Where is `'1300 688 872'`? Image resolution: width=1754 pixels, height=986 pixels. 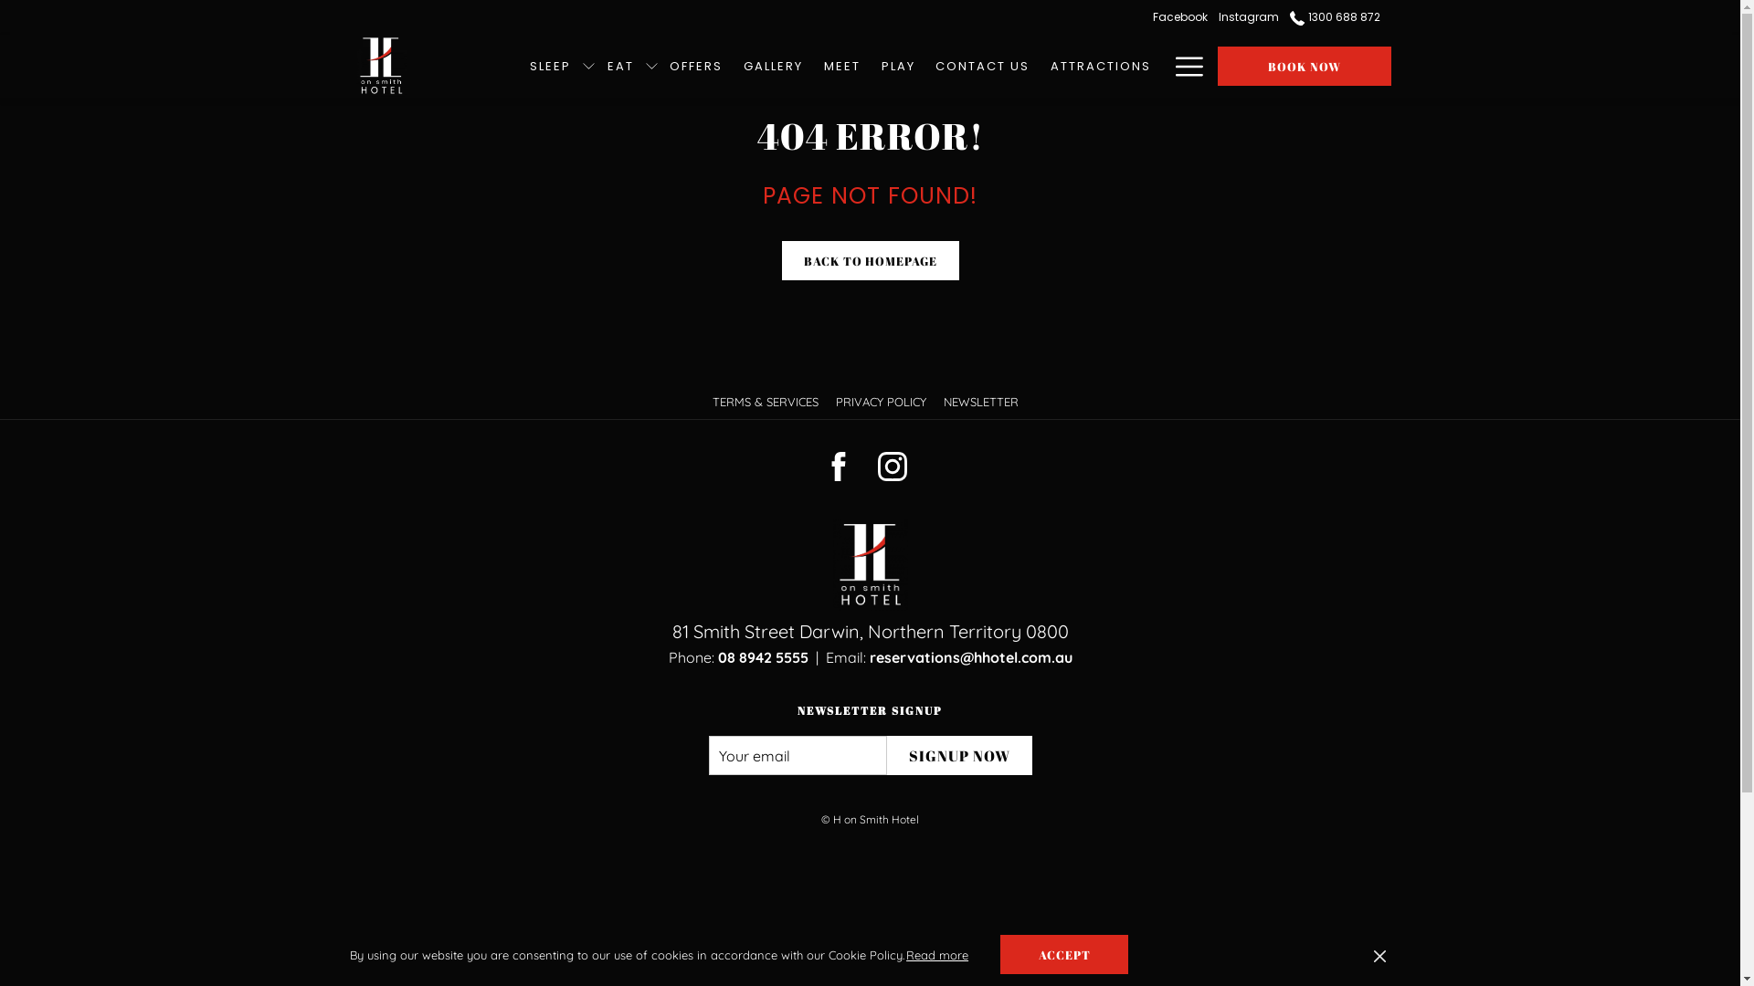
'1300 688 872' is located at coordinates (1337, 16).